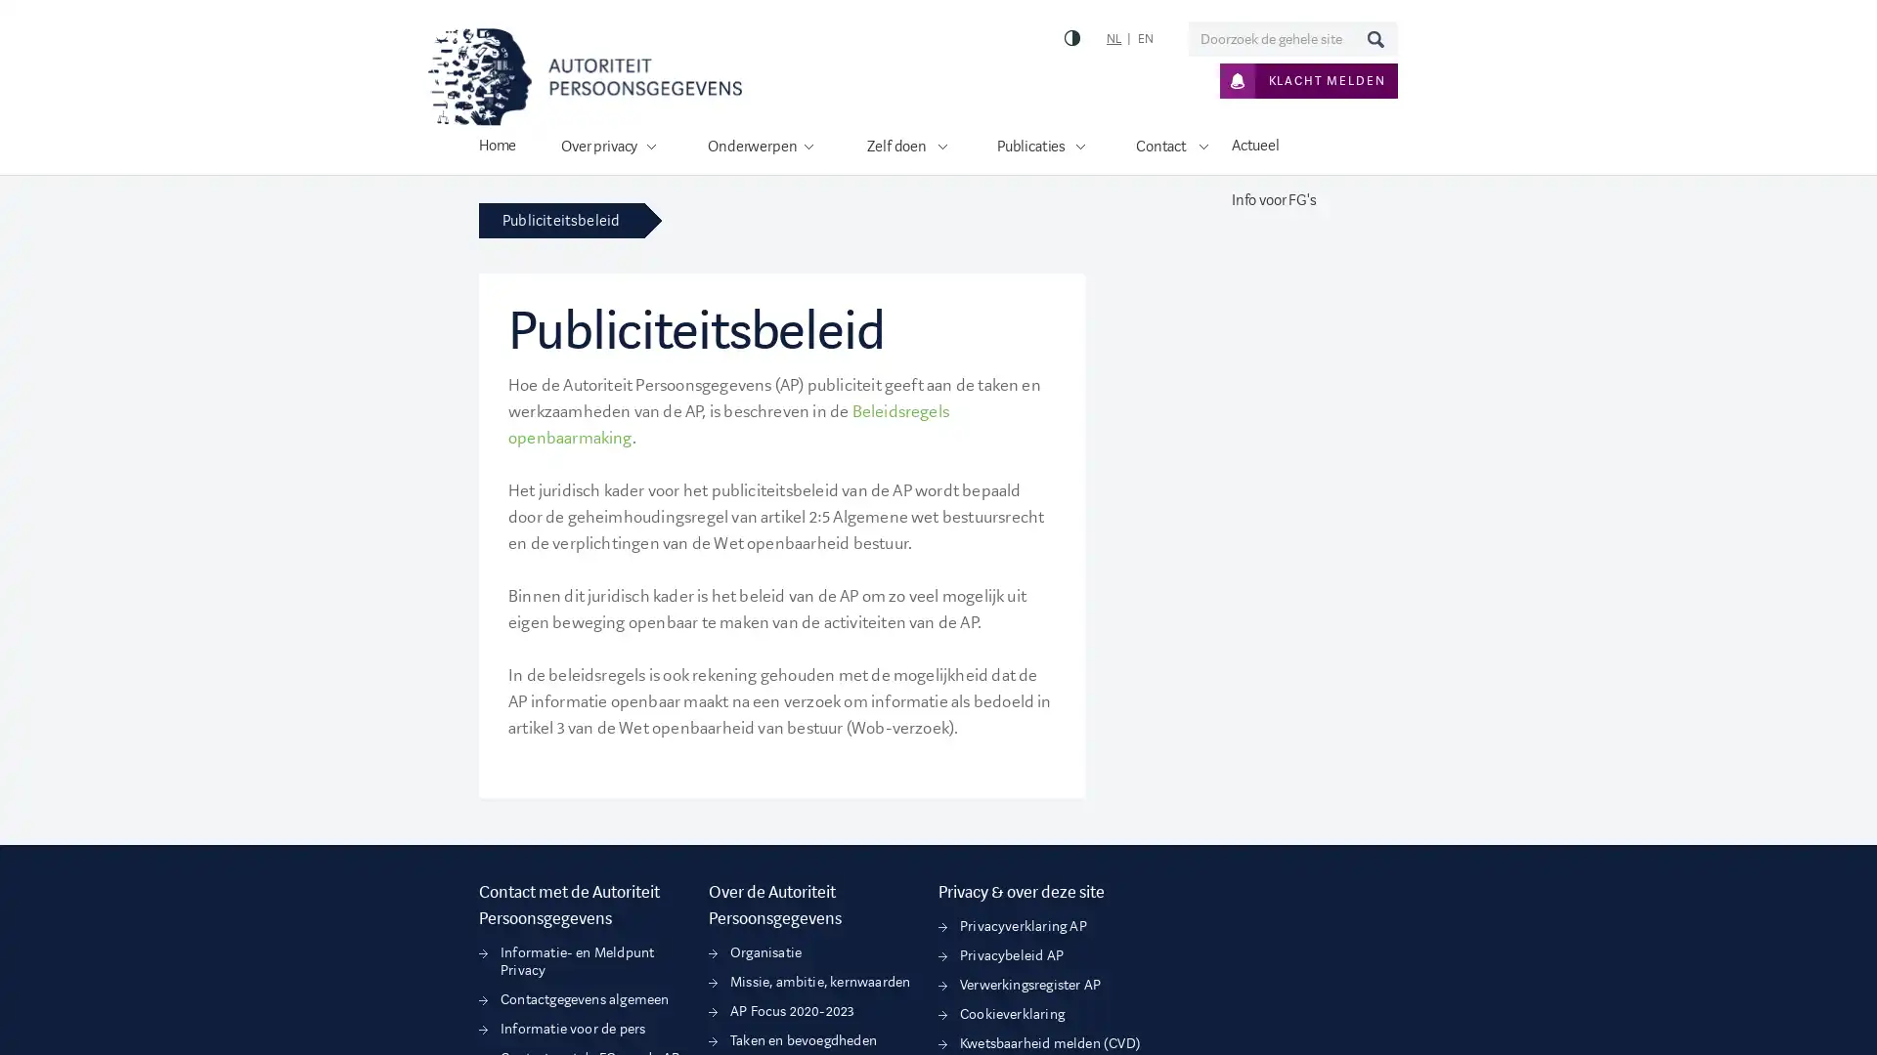  I want to click on Zoeken, so click(1374, 38).